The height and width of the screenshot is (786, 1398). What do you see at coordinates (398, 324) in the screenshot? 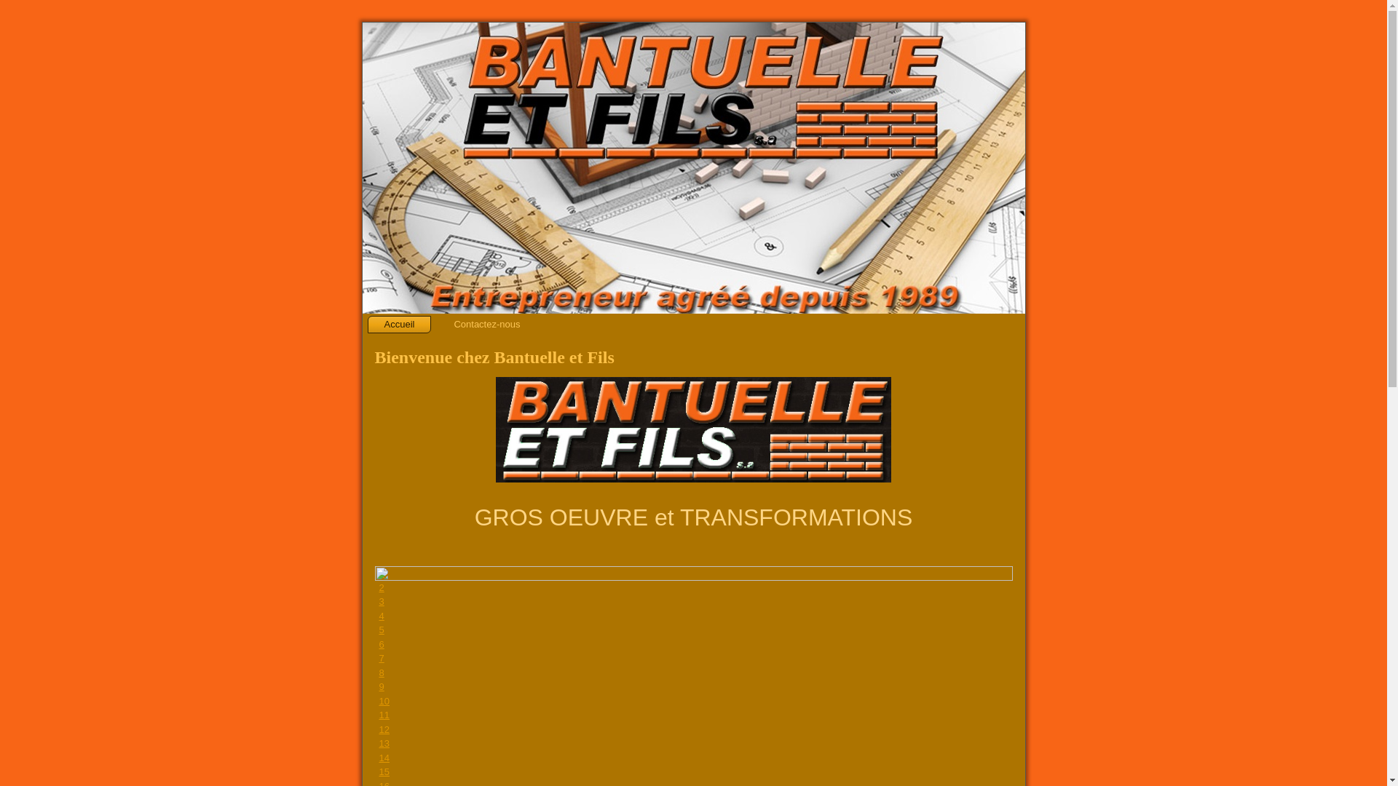
I see `'Accueil'` at bounding box center [398, 324].